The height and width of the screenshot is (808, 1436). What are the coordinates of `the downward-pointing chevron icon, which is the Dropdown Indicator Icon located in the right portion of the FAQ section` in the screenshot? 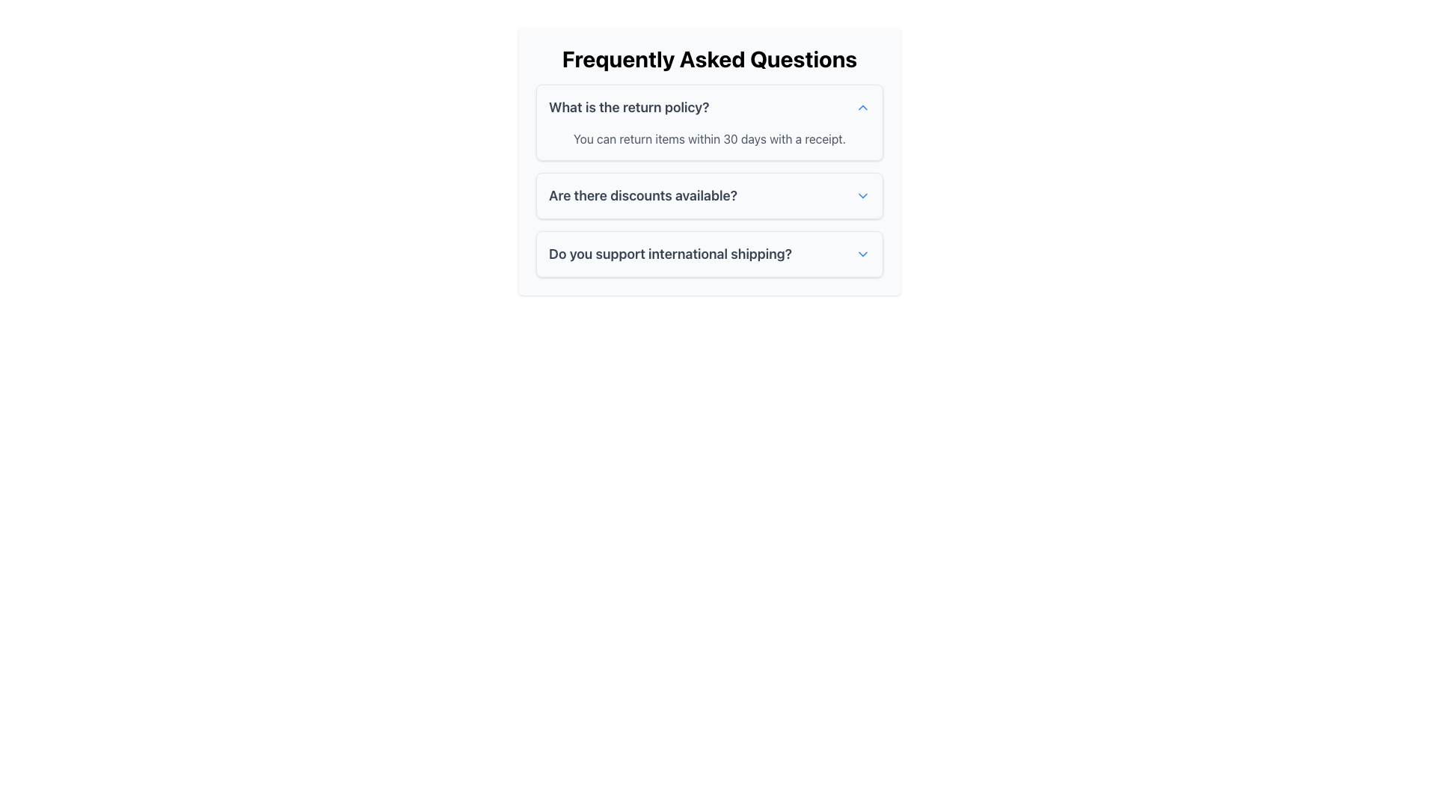 It's located at (862, 195).